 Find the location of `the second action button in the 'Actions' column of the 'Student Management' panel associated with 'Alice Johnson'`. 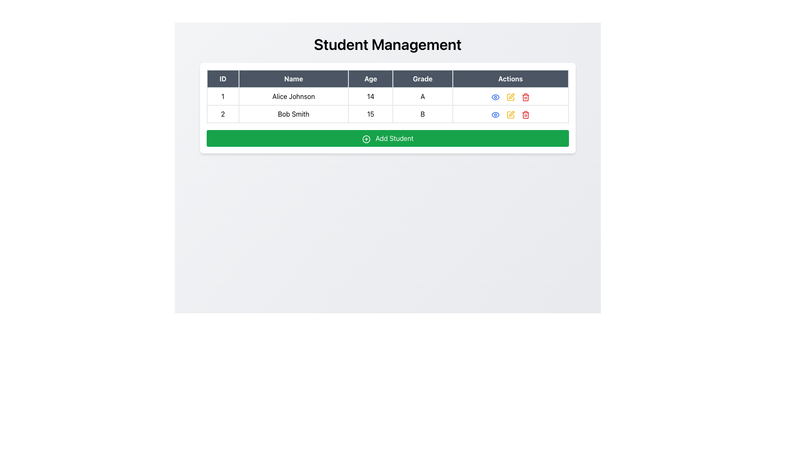

the second action button in the 'Actions' column of the 'Student Management' panel associated with 'Alice Johnson' is located at coordinates (511, 96).